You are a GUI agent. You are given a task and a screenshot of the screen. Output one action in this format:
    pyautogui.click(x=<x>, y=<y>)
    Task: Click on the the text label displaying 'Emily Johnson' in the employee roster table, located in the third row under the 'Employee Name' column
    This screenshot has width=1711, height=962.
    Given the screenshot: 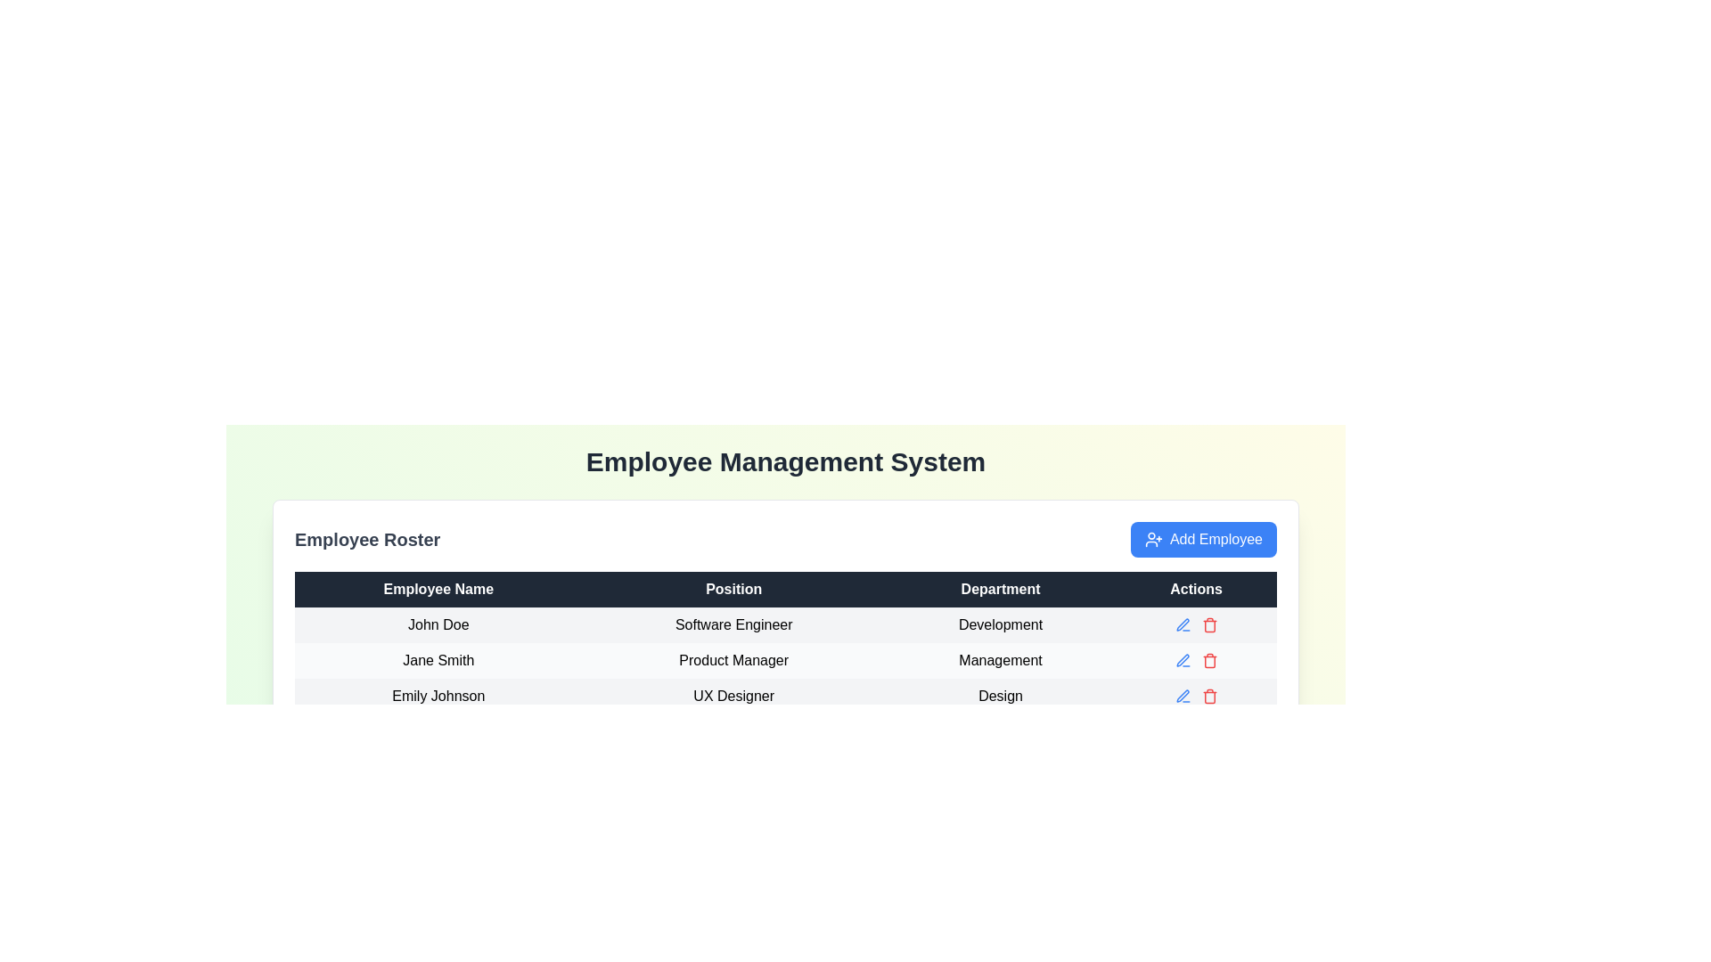 What is the action you would take?
    pyautogui.click(x=438, y=696)
    